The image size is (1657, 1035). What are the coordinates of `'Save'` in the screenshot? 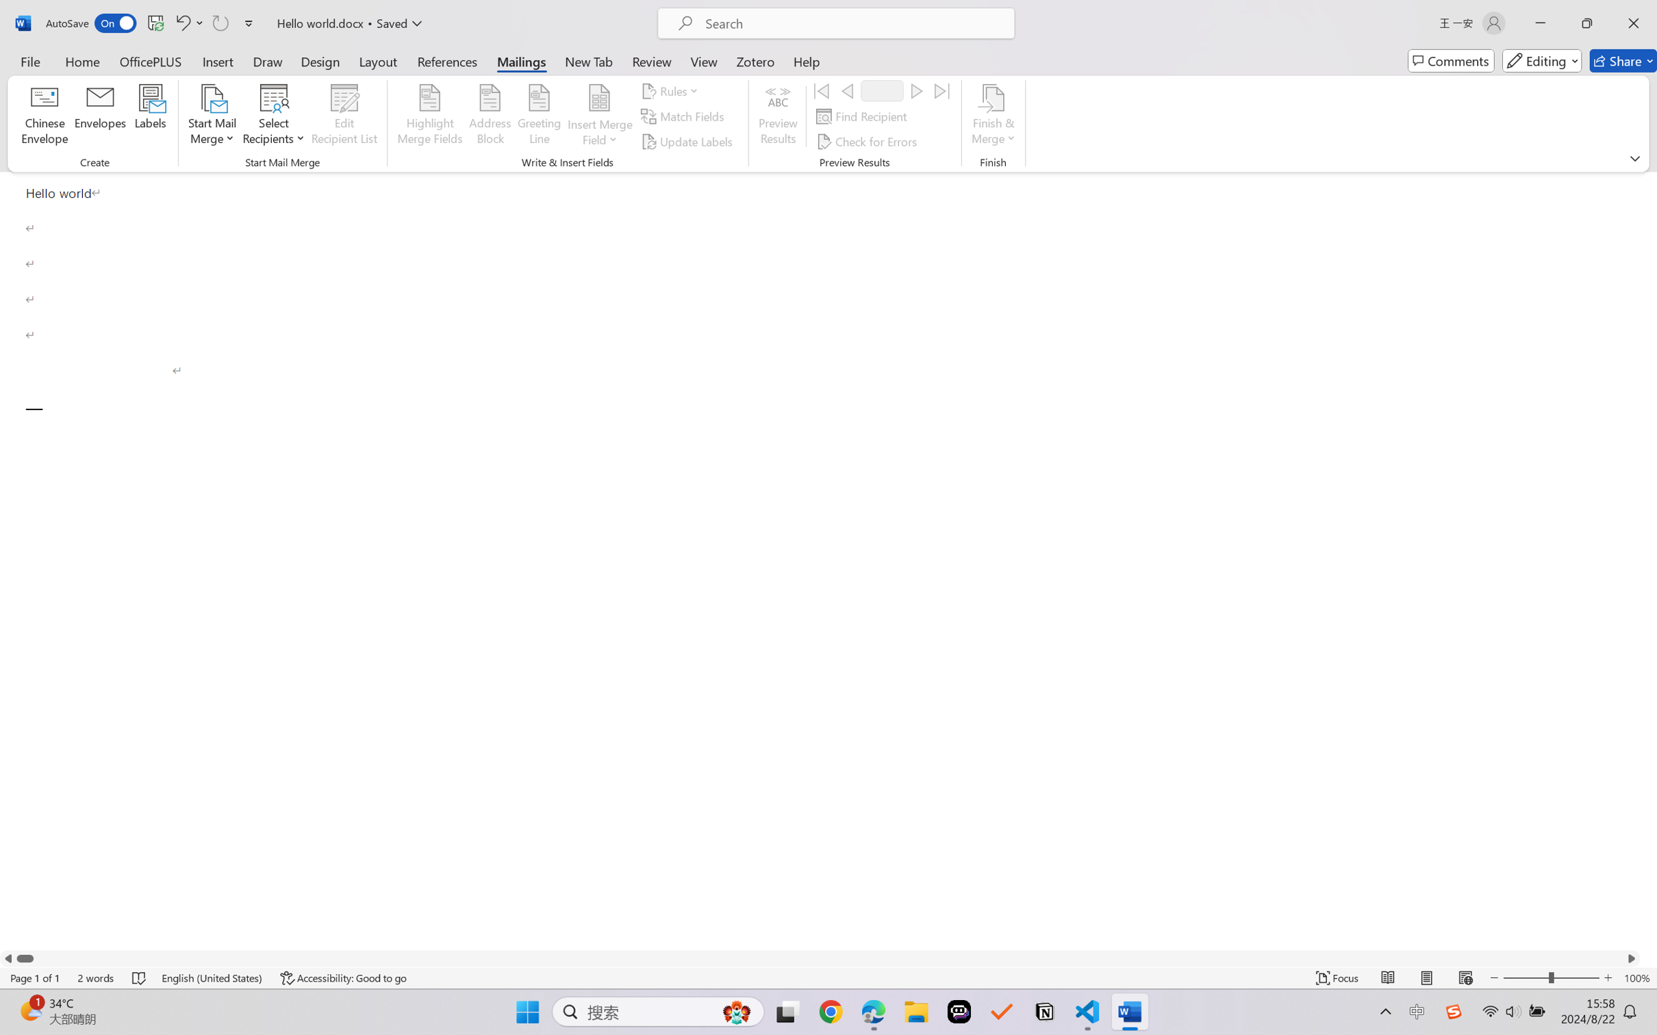 It's located at (155, 23).